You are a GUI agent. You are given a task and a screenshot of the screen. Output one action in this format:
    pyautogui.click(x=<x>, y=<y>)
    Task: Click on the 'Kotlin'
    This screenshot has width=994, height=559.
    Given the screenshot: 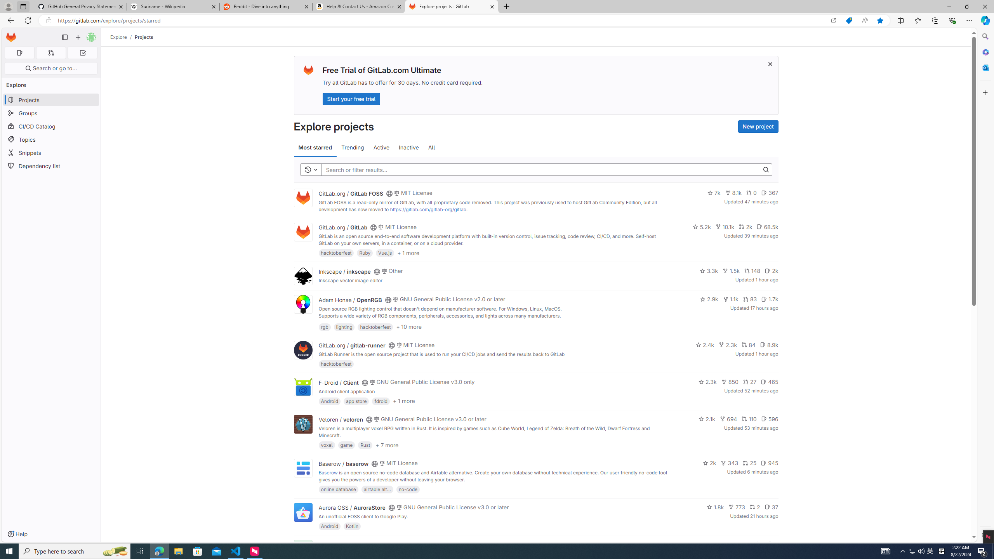 What is the action you would take?
    pyautogui.click(x=352, y=526)
    